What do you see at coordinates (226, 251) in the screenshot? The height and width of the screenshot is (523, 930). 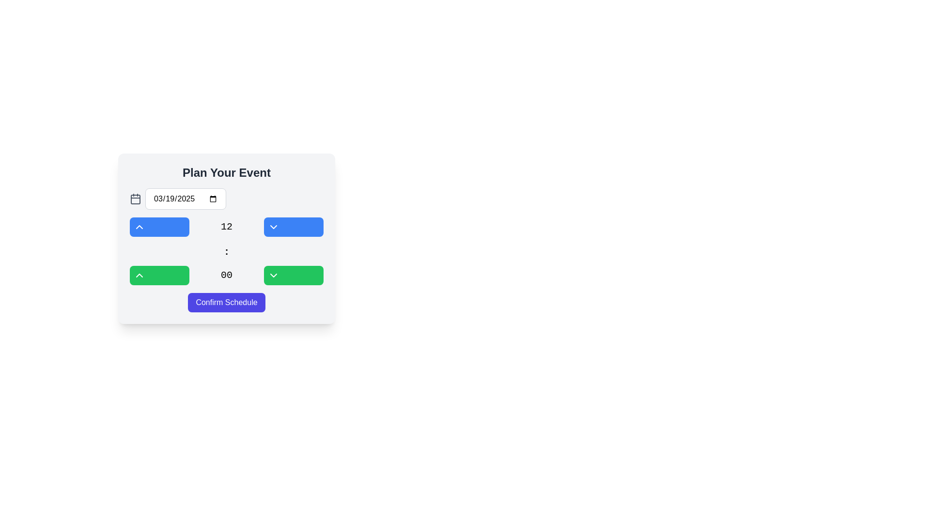 I see `the text element that serves as a visual separator for hours and minutes in the time display of the scheduling form, located centrally between the '12' and '00' text elements` at bounding box center [226, 251].